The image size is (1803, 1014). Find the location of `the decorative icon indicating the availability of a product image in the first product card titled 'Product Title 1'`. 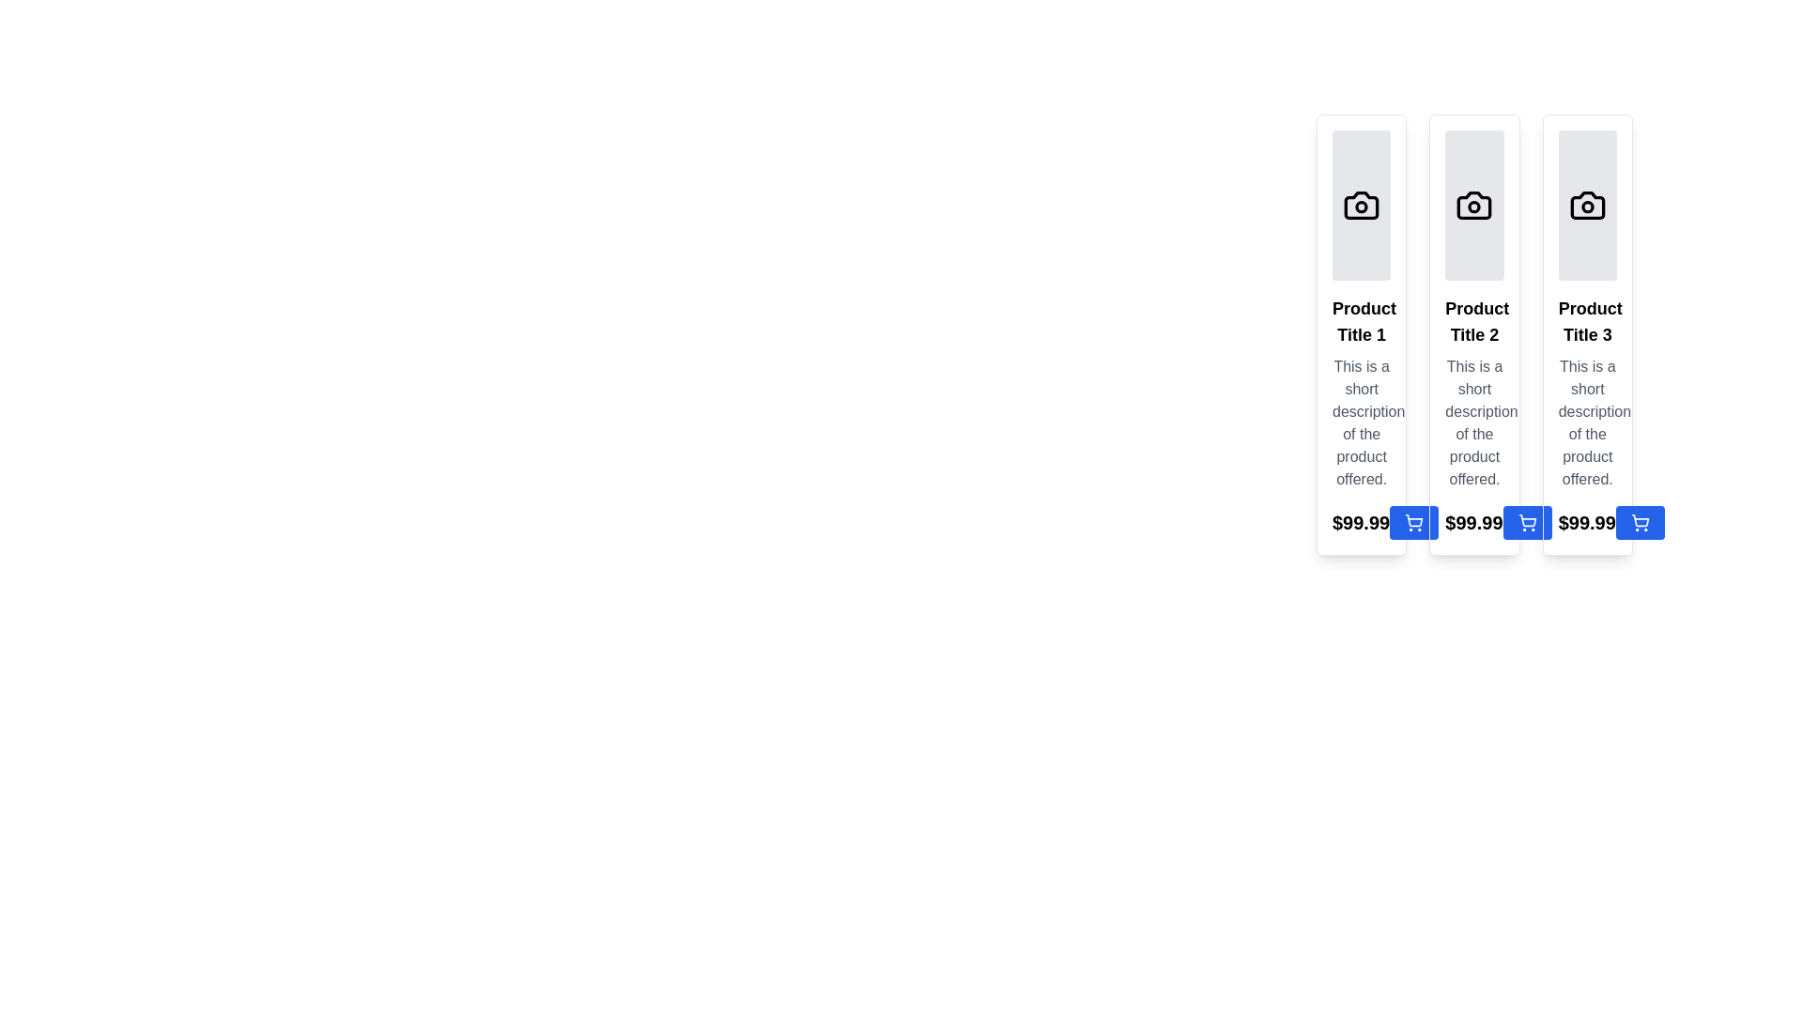

the decorative icon indicating the availability of a product image in the first product card titled 'Product Title 1' is located at coordinates (1362, 206).